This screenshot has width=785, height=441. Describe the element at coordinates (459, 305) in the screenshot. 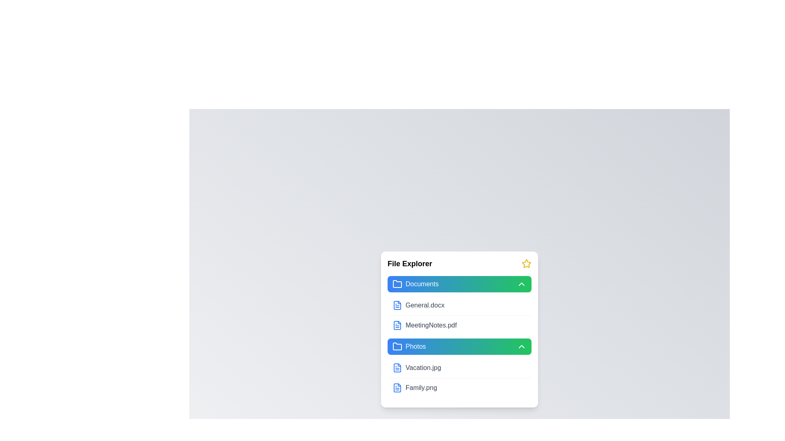

I see `the file item General.docx` at that location.